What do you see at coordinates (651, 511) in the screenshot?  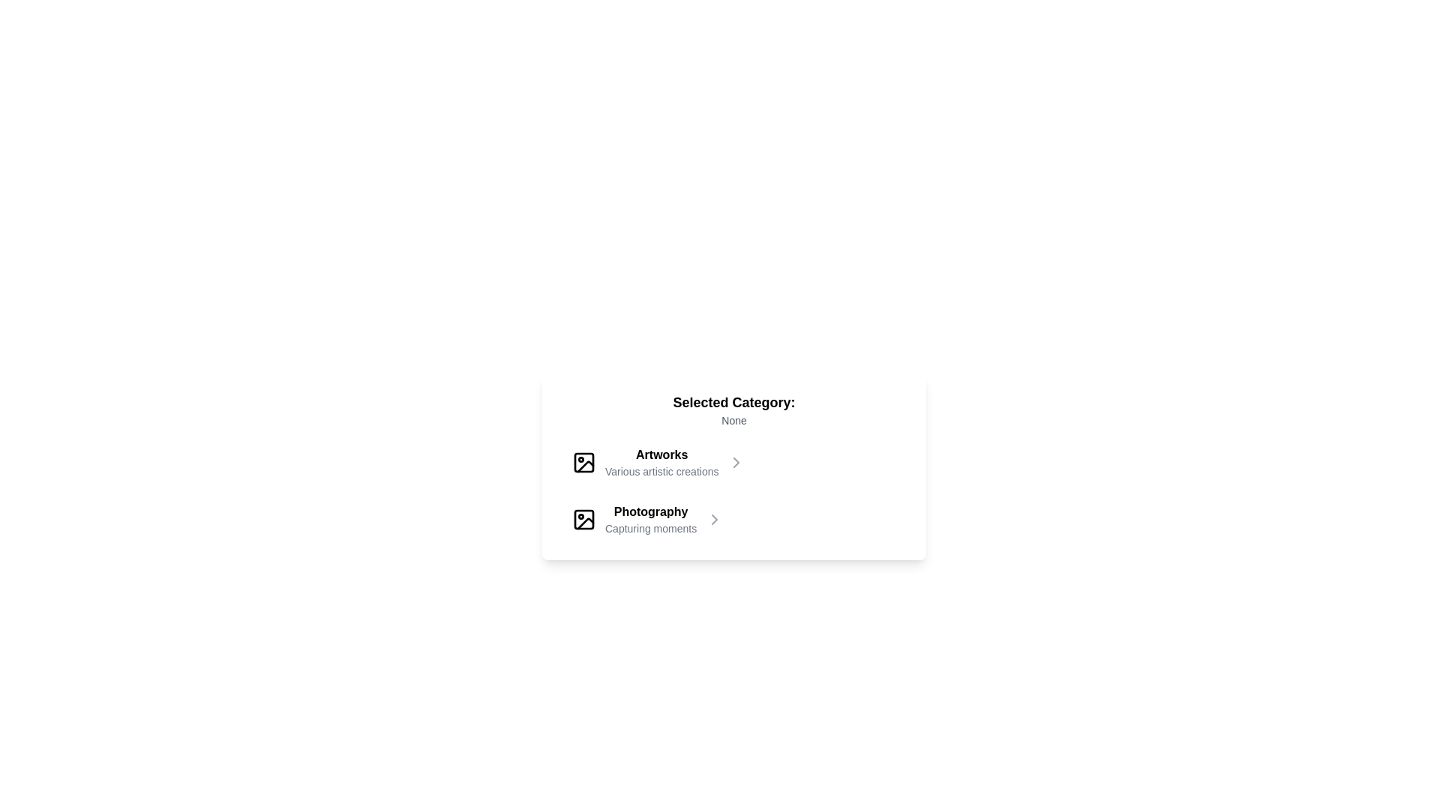 I see `text of the 'Photography' label, which serves as the title for a category that organizes content thematically for user navigation` at bounding box center [651, 511].